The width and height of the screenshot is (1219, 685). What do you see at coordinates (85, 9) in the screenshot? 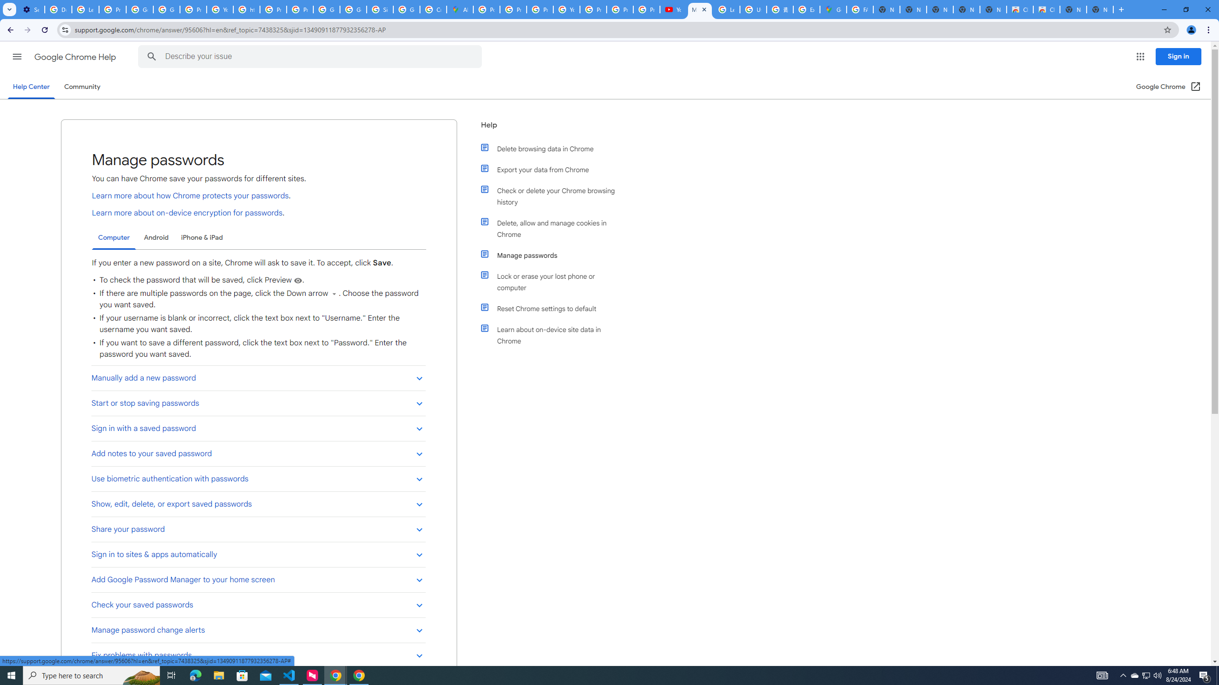
I see `'Learn how to find your photos - Google Photos Help'` at bounding box center [85, 9].